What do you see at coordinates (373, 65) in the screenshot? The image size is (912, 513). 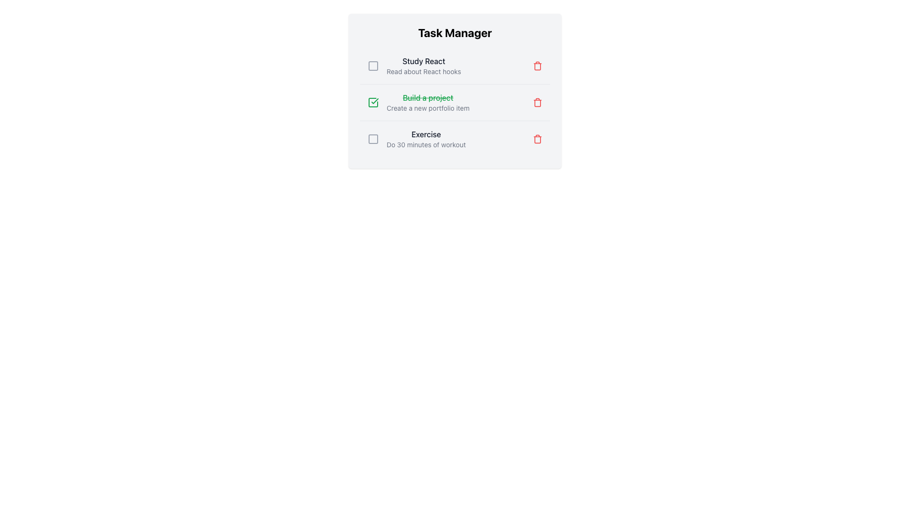 I see `the checkbox for the task 'Study React'` at bounding box center [373, 65].